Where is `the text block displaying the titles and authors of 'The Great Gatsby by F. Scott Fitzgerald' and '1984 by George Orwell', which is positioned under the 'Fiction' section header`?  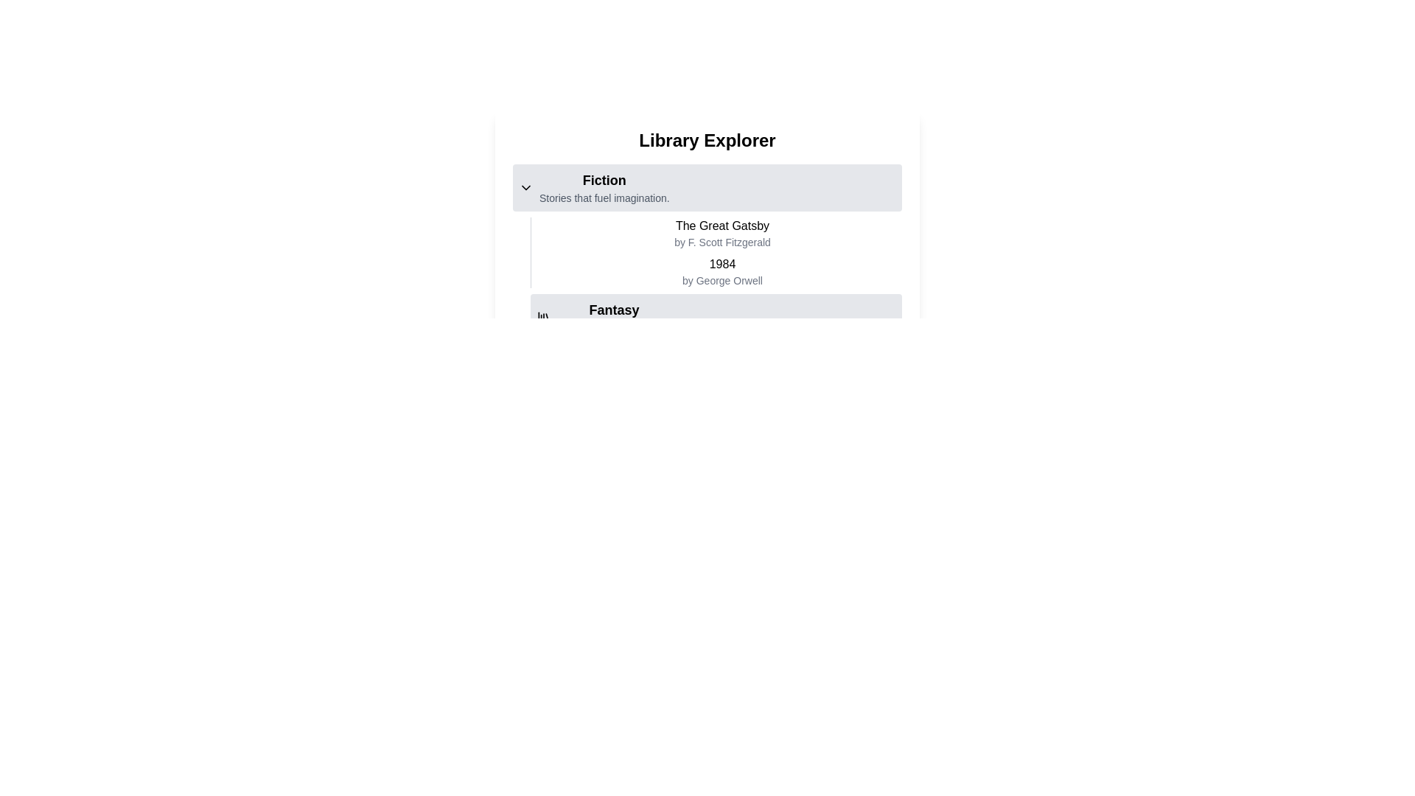
the text block displaying the titles and authors of 'The Great Gatsby by F. Scott Fitzgerald' and '1984 by George Orwell', which is positioned under the 'Fiction' section header is located at coordinates (716, 252).